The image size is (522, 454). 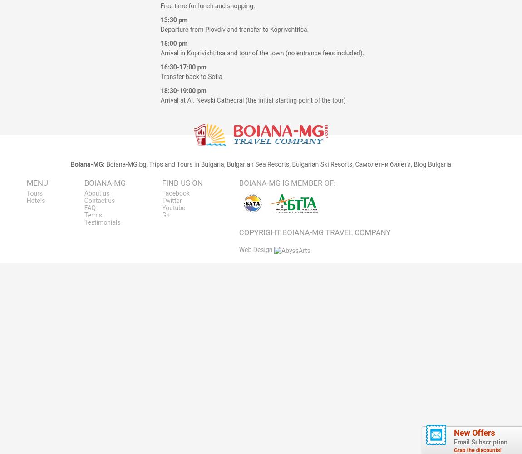 I want to click on 'BOIANA-MG', so click(x=104, y=183).